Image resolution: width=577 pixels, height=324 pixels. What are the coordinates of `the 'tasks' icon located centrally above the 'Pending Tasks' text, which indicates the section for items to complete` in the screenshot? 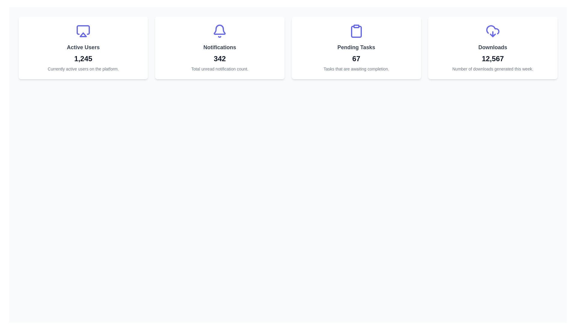 It's located at (356, 31).